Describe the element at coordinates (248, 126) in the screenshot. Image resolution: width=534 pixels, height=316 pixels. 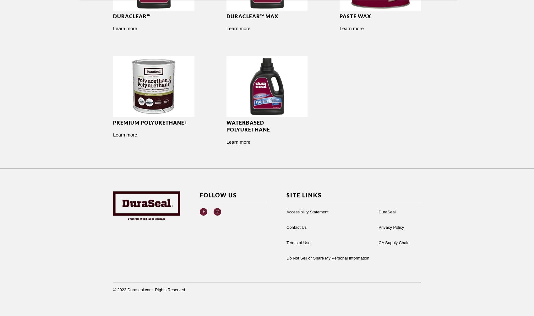
I see `'Waterbased Polyurethane'` at that location.